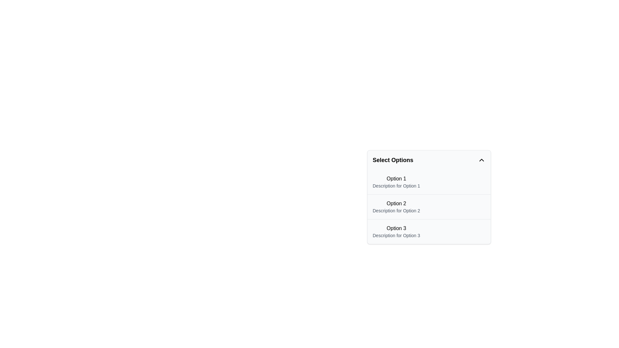  I want to click on the text label displaying 'Option 2' in the three-option list interface, positioned above its description, so click(396, 204).